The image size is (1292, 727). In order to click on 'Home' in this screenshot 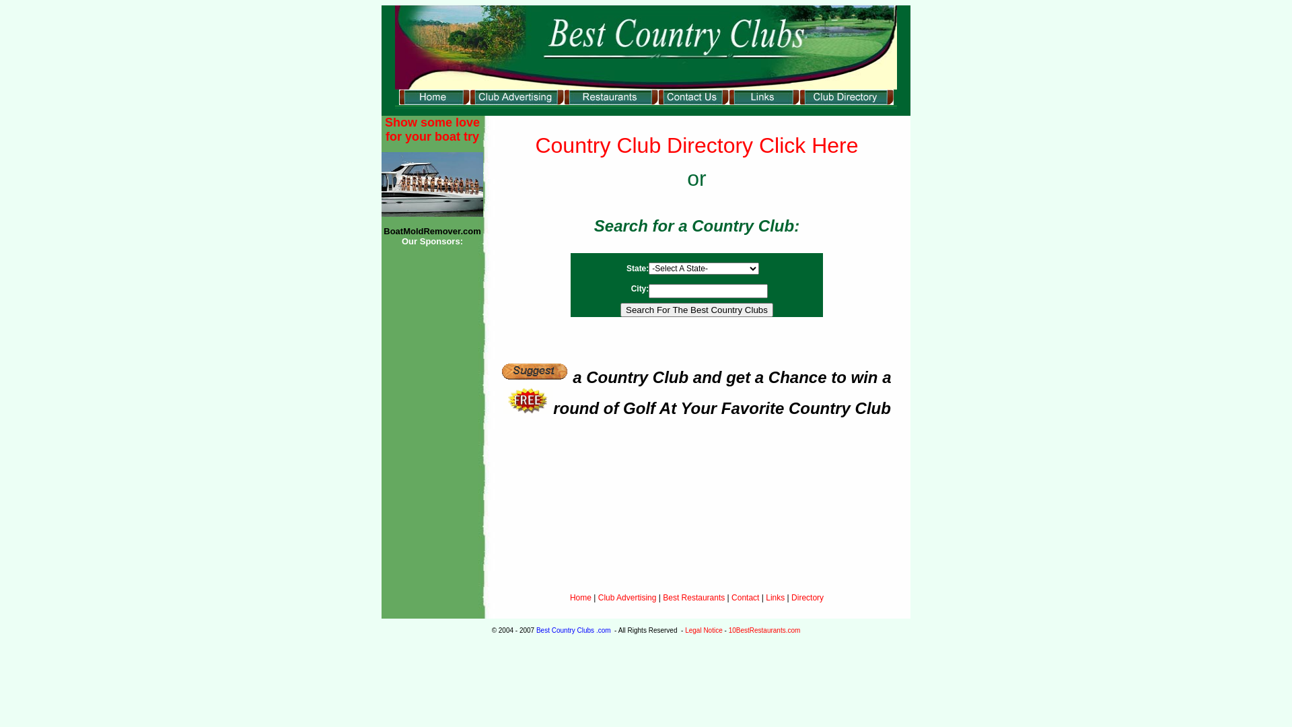, I will do `click(581, 596)`.